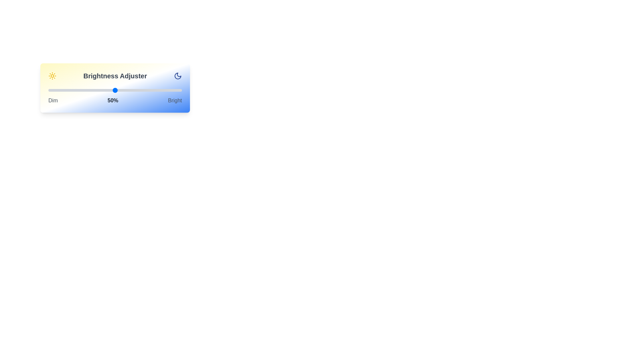 The image size is (641, 360). Describe the element at coordinates (63, 90) in the screenshot. I see `the brightness slider to 11% to observe the gradient background changes` at that location.